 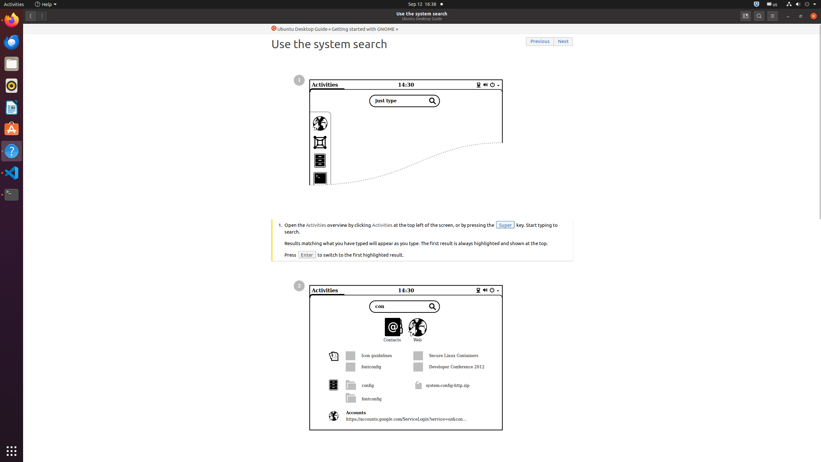 I want to click on 'Firefox Web Browser', so click(x=12, y=20).